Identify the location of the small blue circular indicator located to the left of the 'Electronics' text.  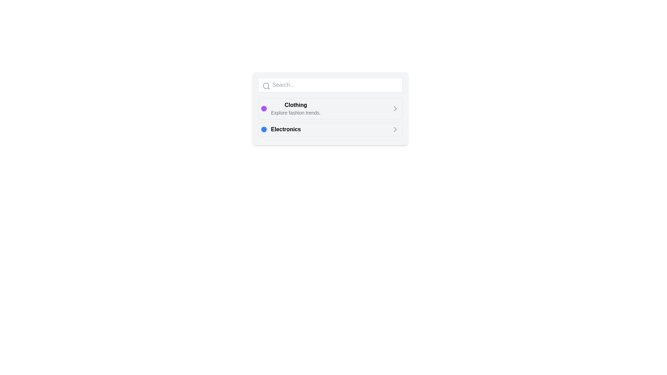
(263, 130).